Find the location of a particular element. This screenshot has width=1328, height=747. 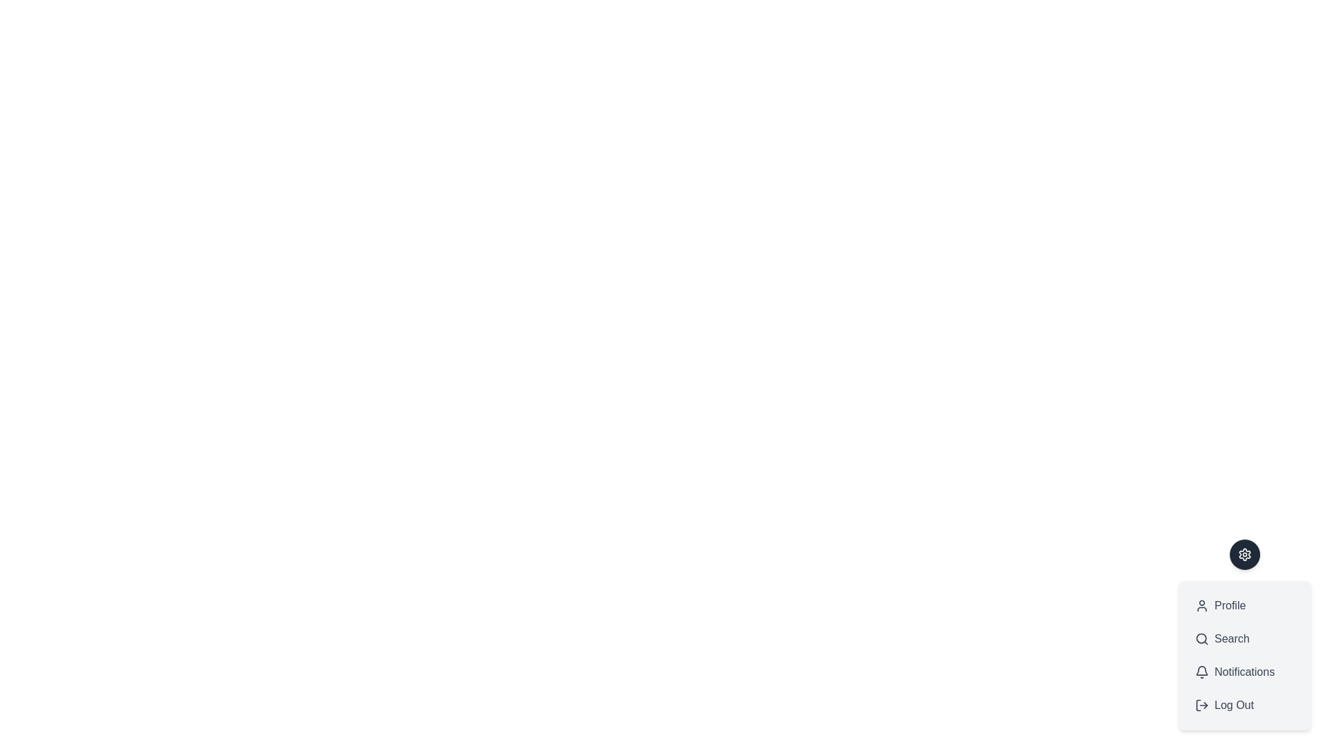

the 'Notifications' menu item with a bell icon in the dropdown menu is located at coordinates (1245, 672).